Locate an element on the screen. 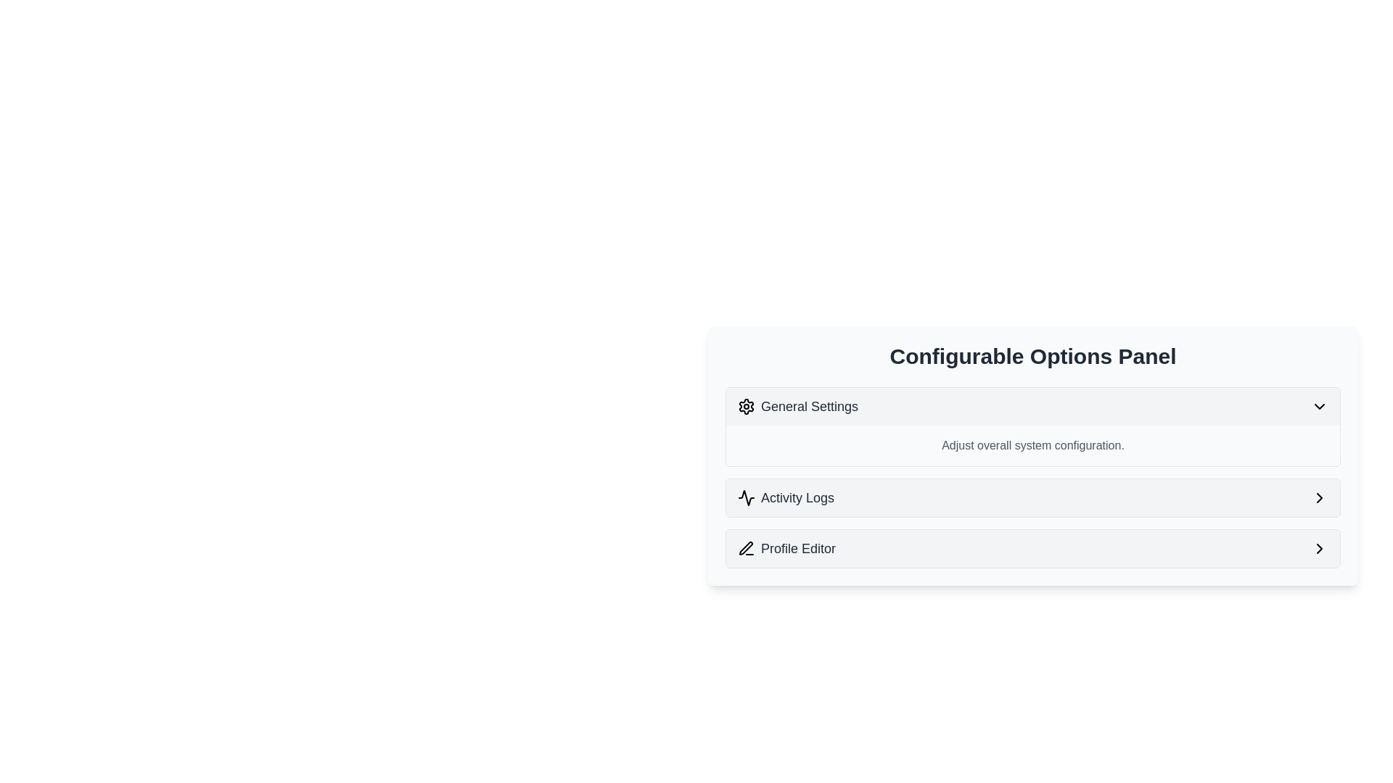 Image resolution: width=1393 pixels, height=783 pixels. the textual label that identifies and selects the associated section related to activity logs, situated beside an icon on the right-hand side, in the middle section of a vertical list panel is located at coordinates (797, 497).